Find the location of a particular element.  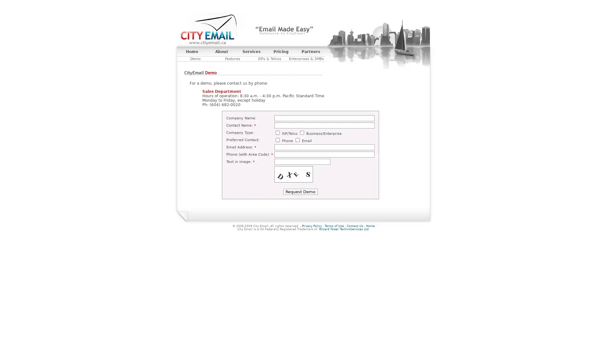

Request Demo is located at coordinates (300, 191).